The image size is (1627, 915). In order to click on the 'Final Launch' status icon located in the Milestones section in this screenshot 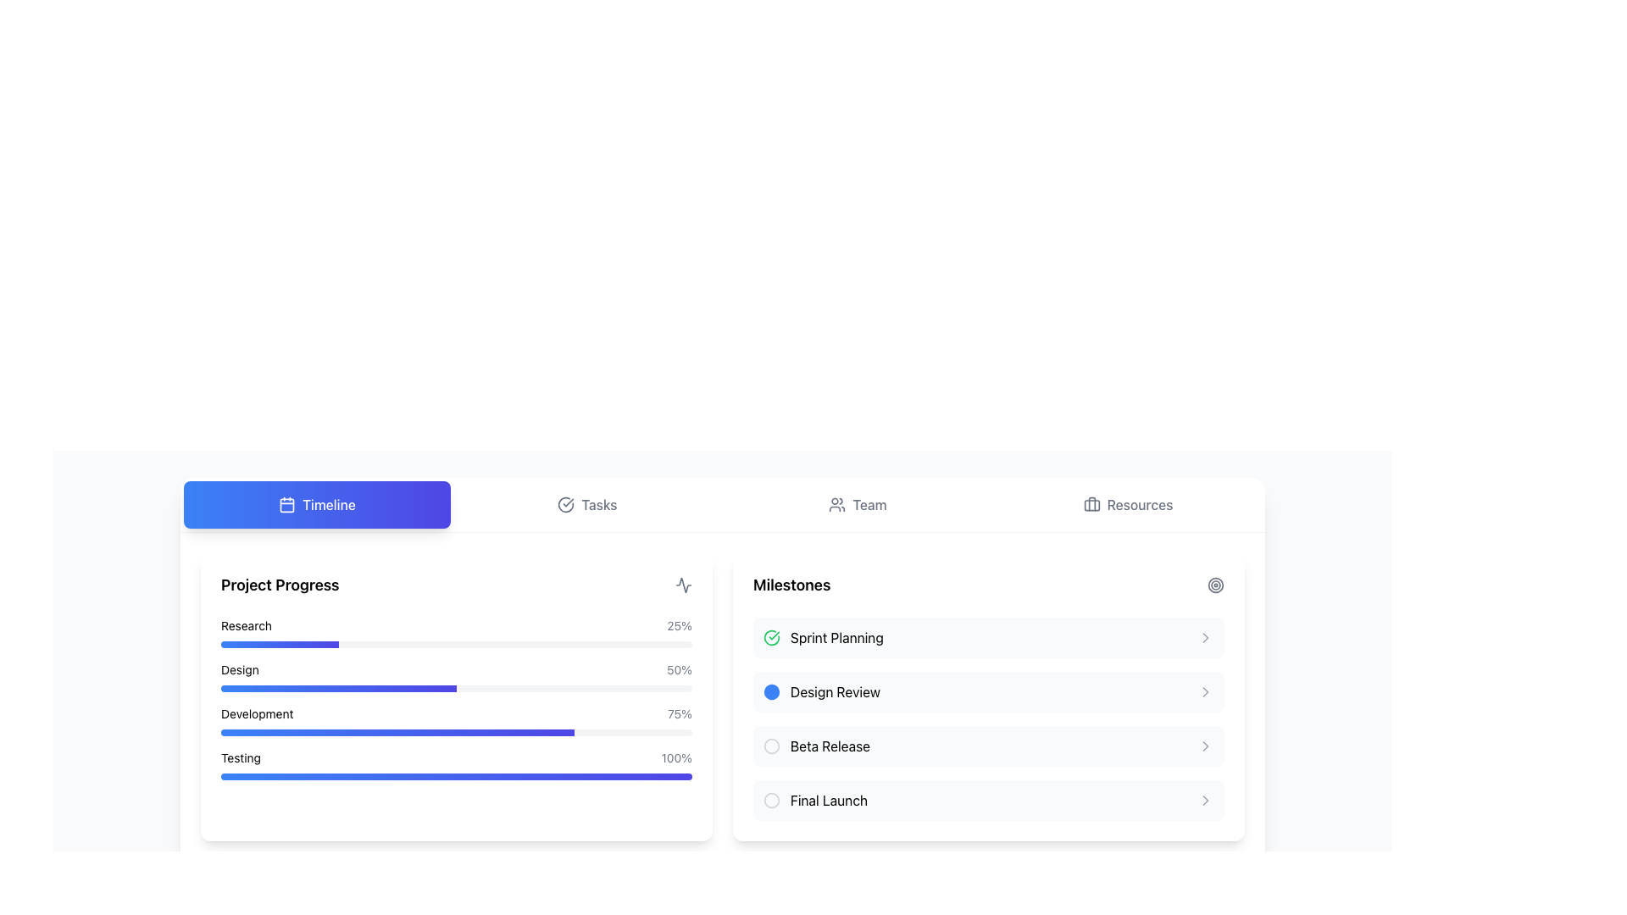, I will do `click(771, 801)`.